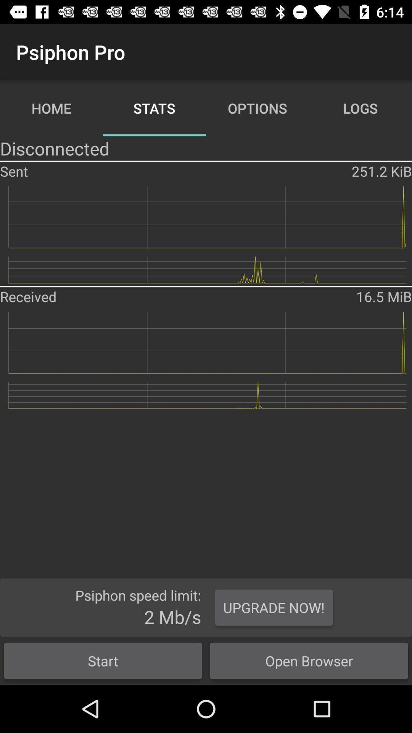 This screenshot has width=412, height=733. Describe the element at coordinates (103, 660) in the screenshot. I see `the icon below 2 mb/s app` at that location.